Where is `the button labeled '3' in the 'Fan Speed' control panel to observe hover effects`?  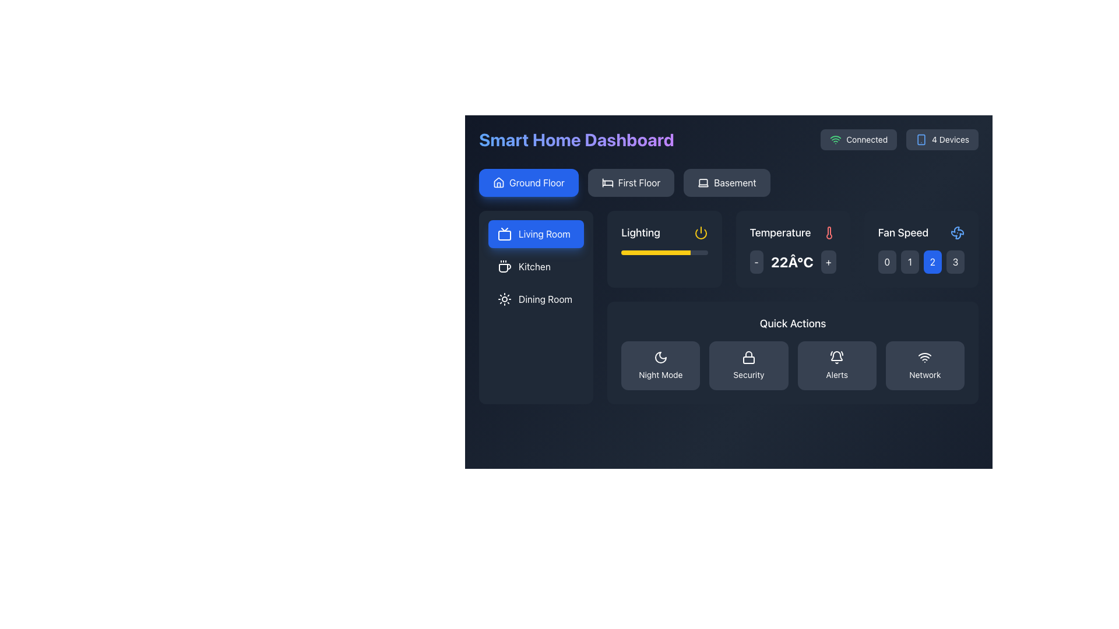
the button labeled '3' in the 'Fan Speed' control panel to observe hover effects is located at coordinates (955, 262).